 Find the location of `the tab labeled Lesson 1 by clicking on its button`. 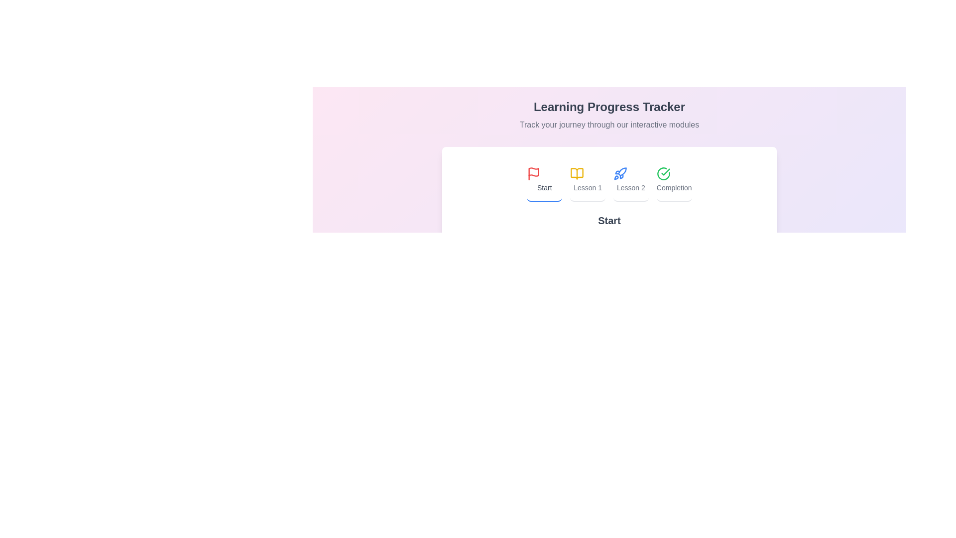

the tab labeled Lesson 1 by clicking on its button is located at coordinates (588, 180).